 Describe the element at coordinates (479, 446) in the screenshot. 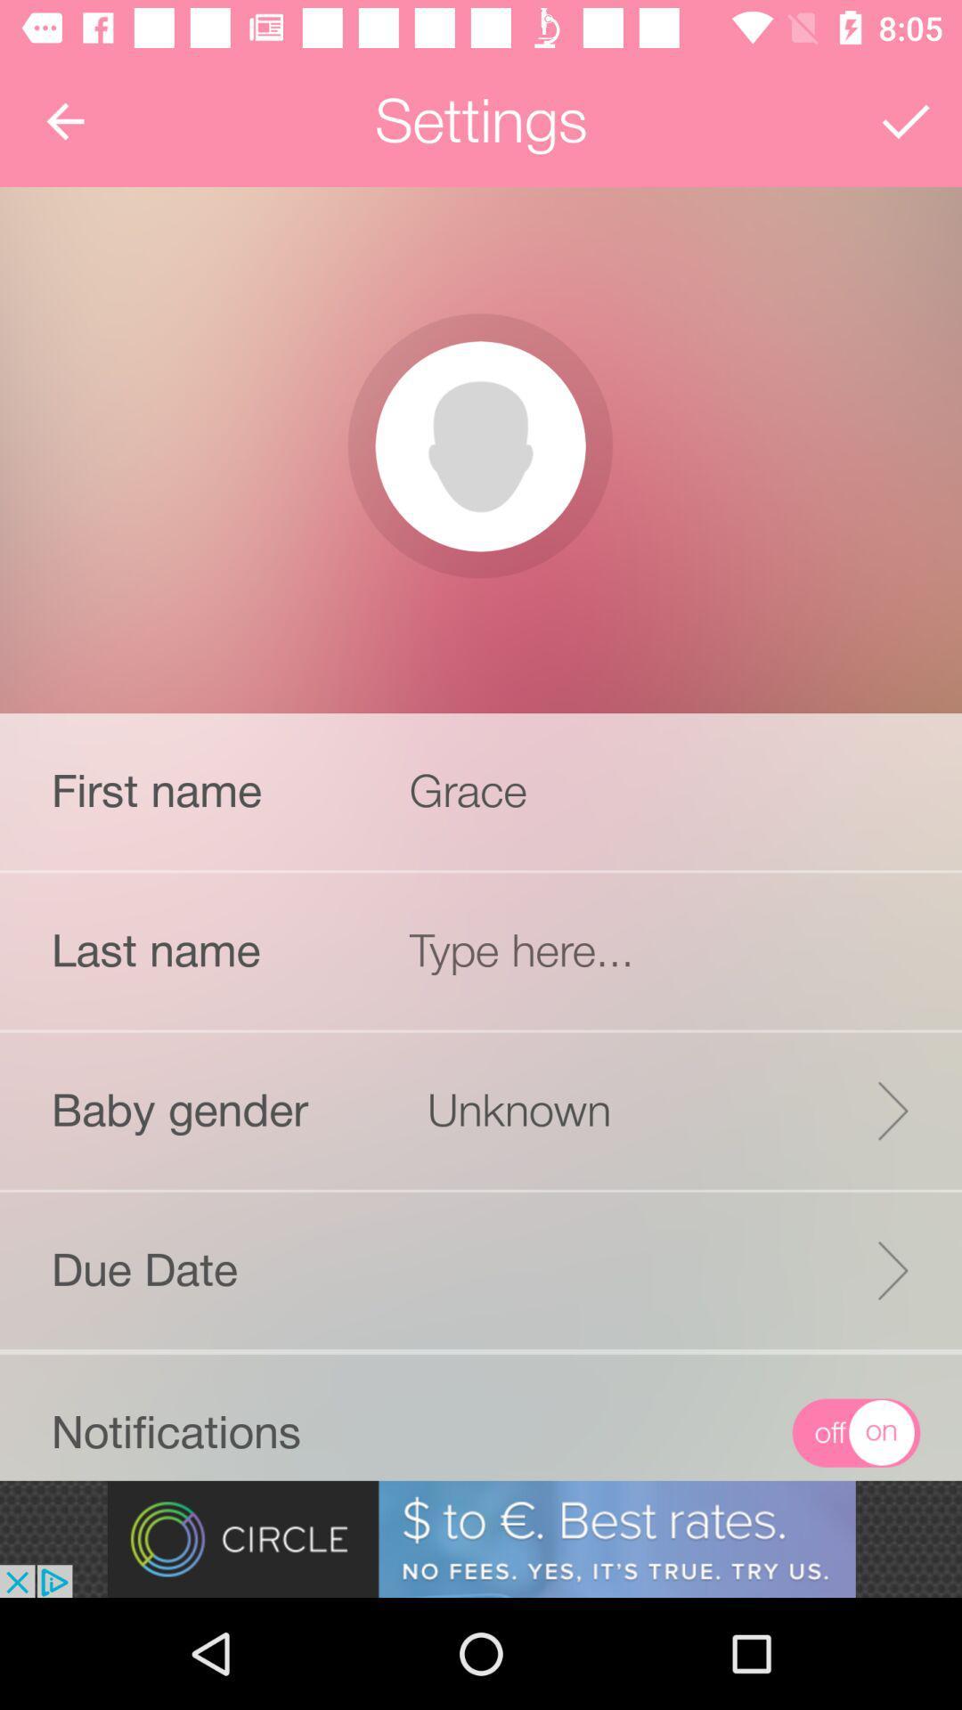

I see `button image` at that location.